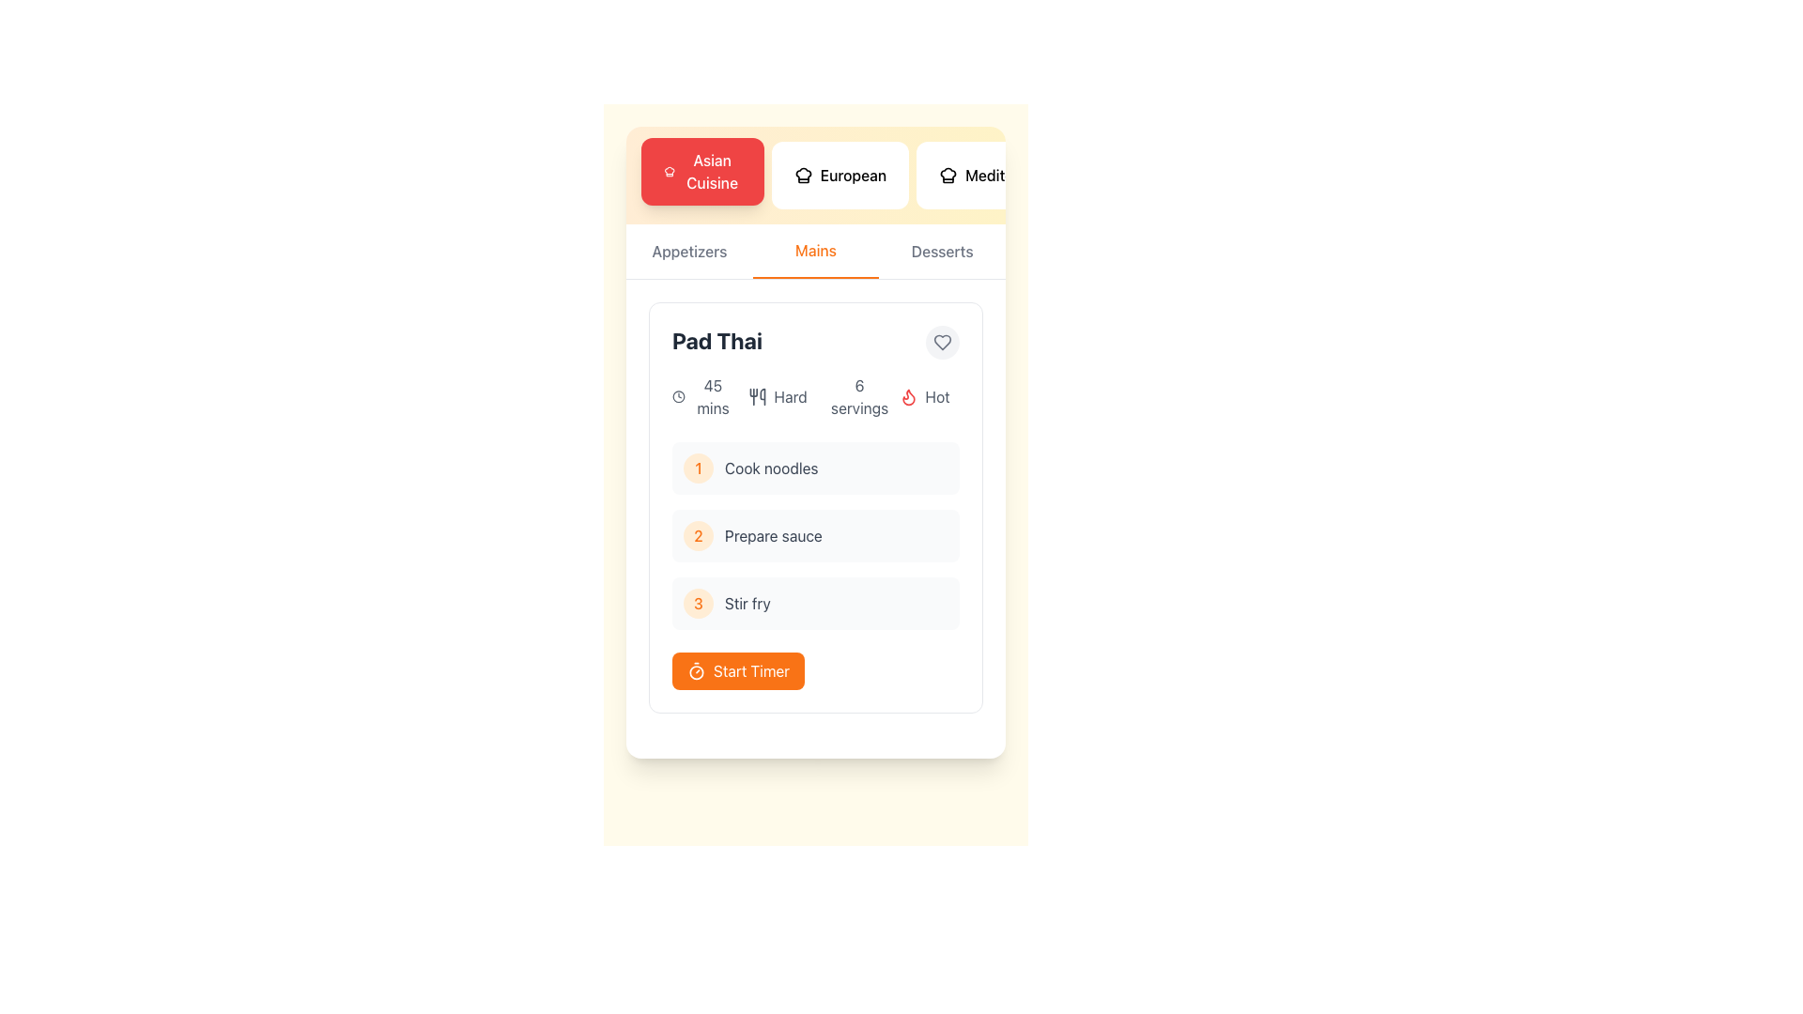 The height and width of the screenshot is (1014, 1803). What do you see at coordinates (929, 396) in the screenshot?
I see `the label element that contains a flame icon and the word 'Hot', which is the fourth item in a horizontally arranged list of labels within a card, positioned to the right of labels such as '6 servings', 'hard', and '45 mins'` at bounding box center [929, 396].